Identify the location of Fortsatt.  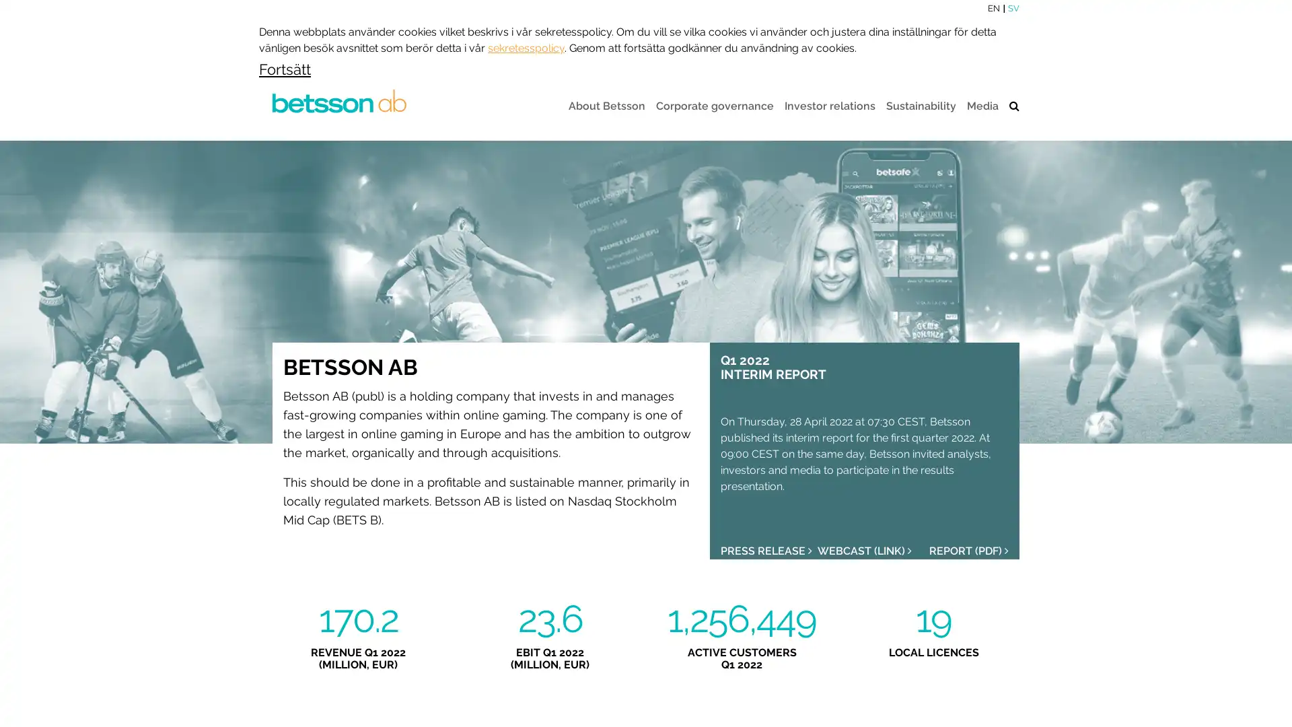
(284, 67).